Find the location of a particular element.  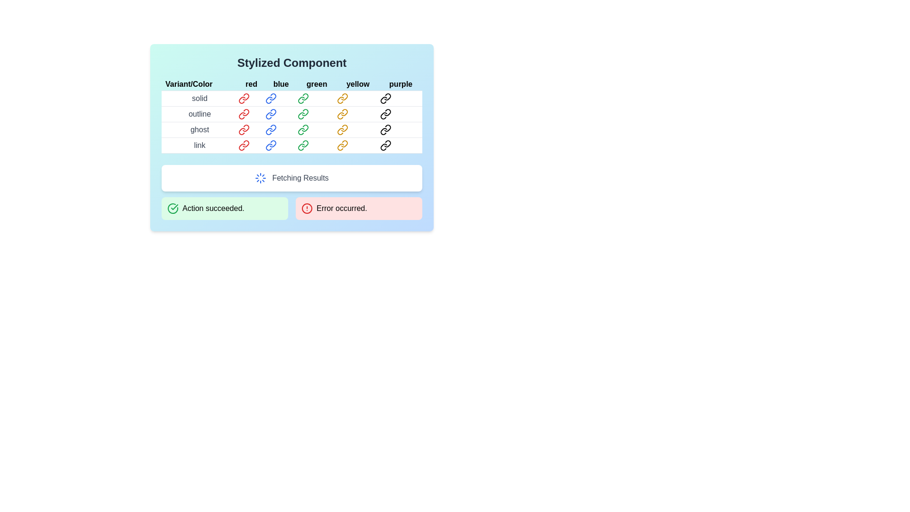

the purple chain link icon located in the first row and fifth column of the grid is located at coordinates (385, 99).